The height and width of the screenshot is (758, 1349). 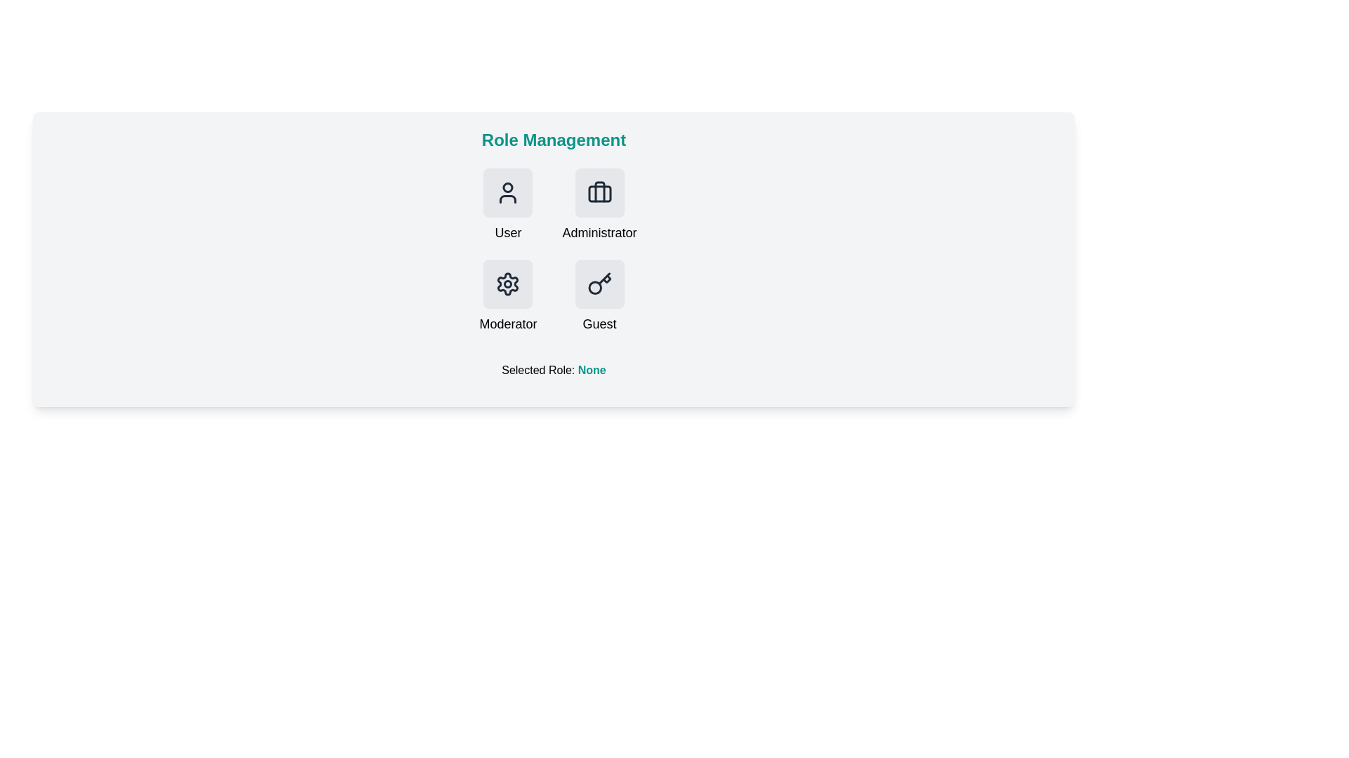 What do you see at coordinates (507, 192) in the screenshot?
I see `the top-left icon representing the 'User' role in the Role Management section` at bounding box center [507, 192].